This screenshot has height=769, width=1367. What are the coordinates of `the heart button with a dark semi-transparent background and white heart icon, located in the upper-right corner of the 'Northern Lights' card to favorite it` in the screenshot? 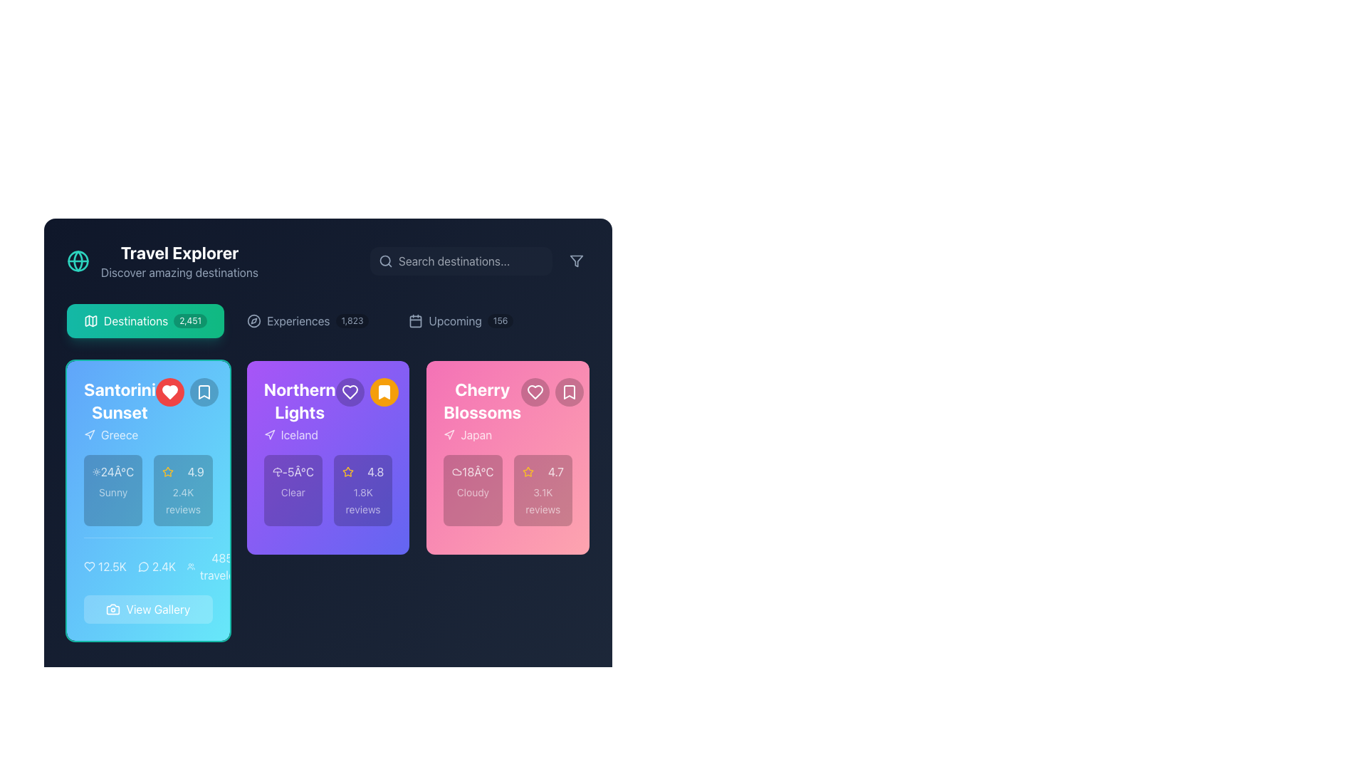 It's located at (367, 392).